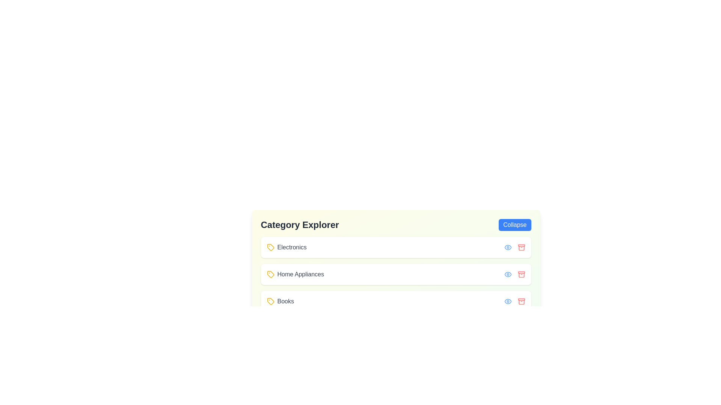  I want to click on the visibility toggle icon located on the right side of the horizontal section associated with the 'Electronics' category, so click(508, 247).